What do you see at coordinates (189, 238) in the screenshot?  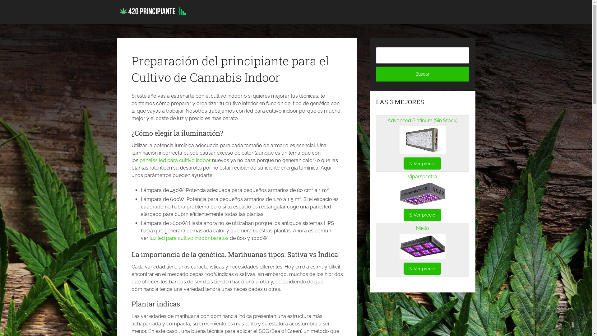 I see `'luz led para cultivo indoor baratos'` at bounding box center [189, 238].